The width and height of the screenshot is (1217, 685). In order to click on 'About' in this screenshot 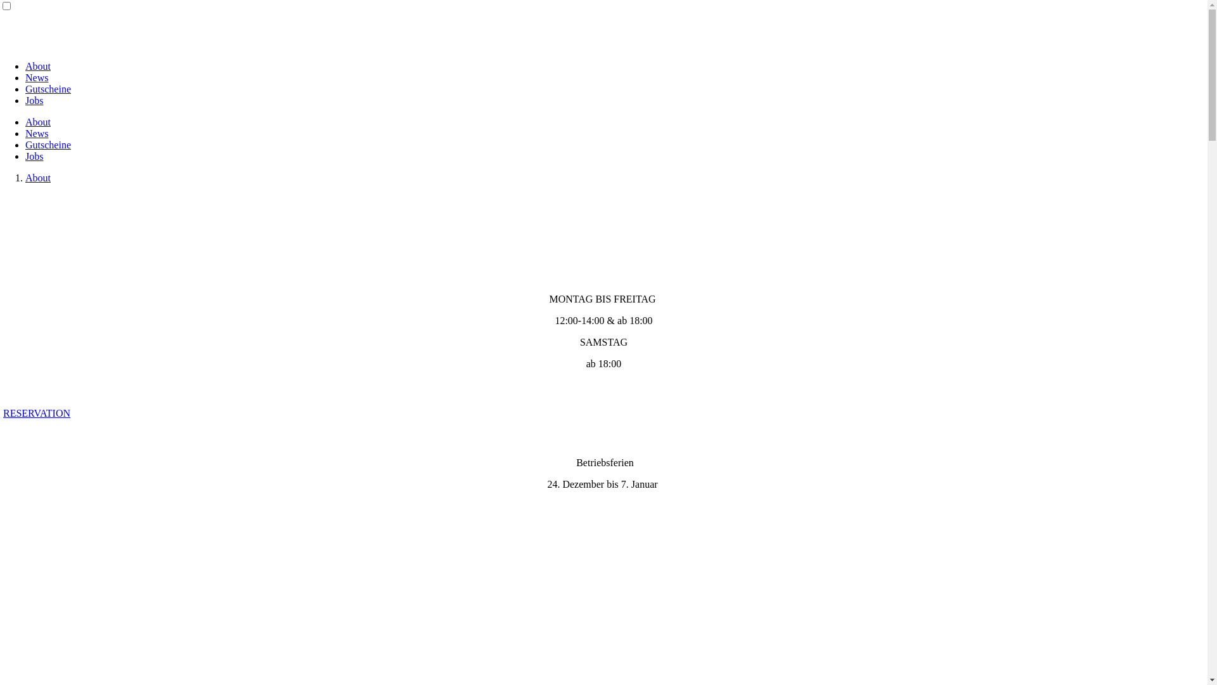, I will do `click(37, 66)`.